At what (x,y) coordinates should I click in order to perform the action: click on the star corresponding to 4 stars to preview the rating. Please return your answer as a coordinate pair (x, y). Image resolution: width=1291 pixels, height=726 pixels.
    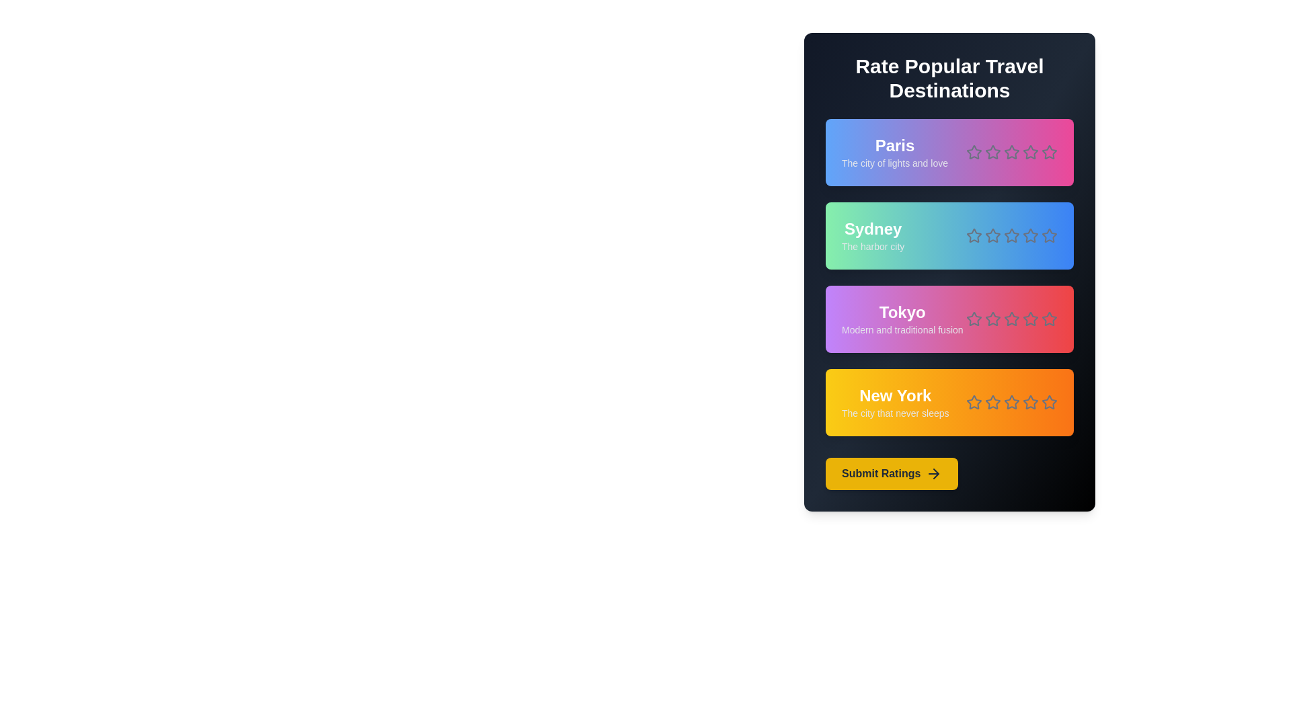
    Looking at the image, I should click on (1029, 152).